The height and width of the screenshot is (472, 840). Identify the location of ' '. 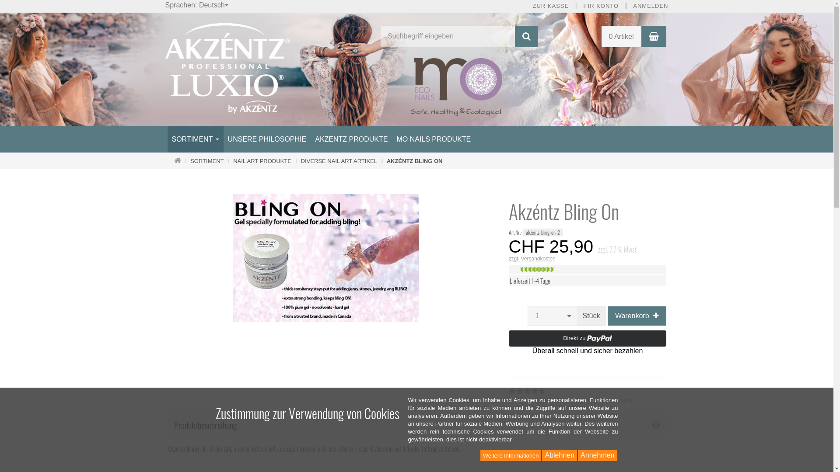
(168, 186).